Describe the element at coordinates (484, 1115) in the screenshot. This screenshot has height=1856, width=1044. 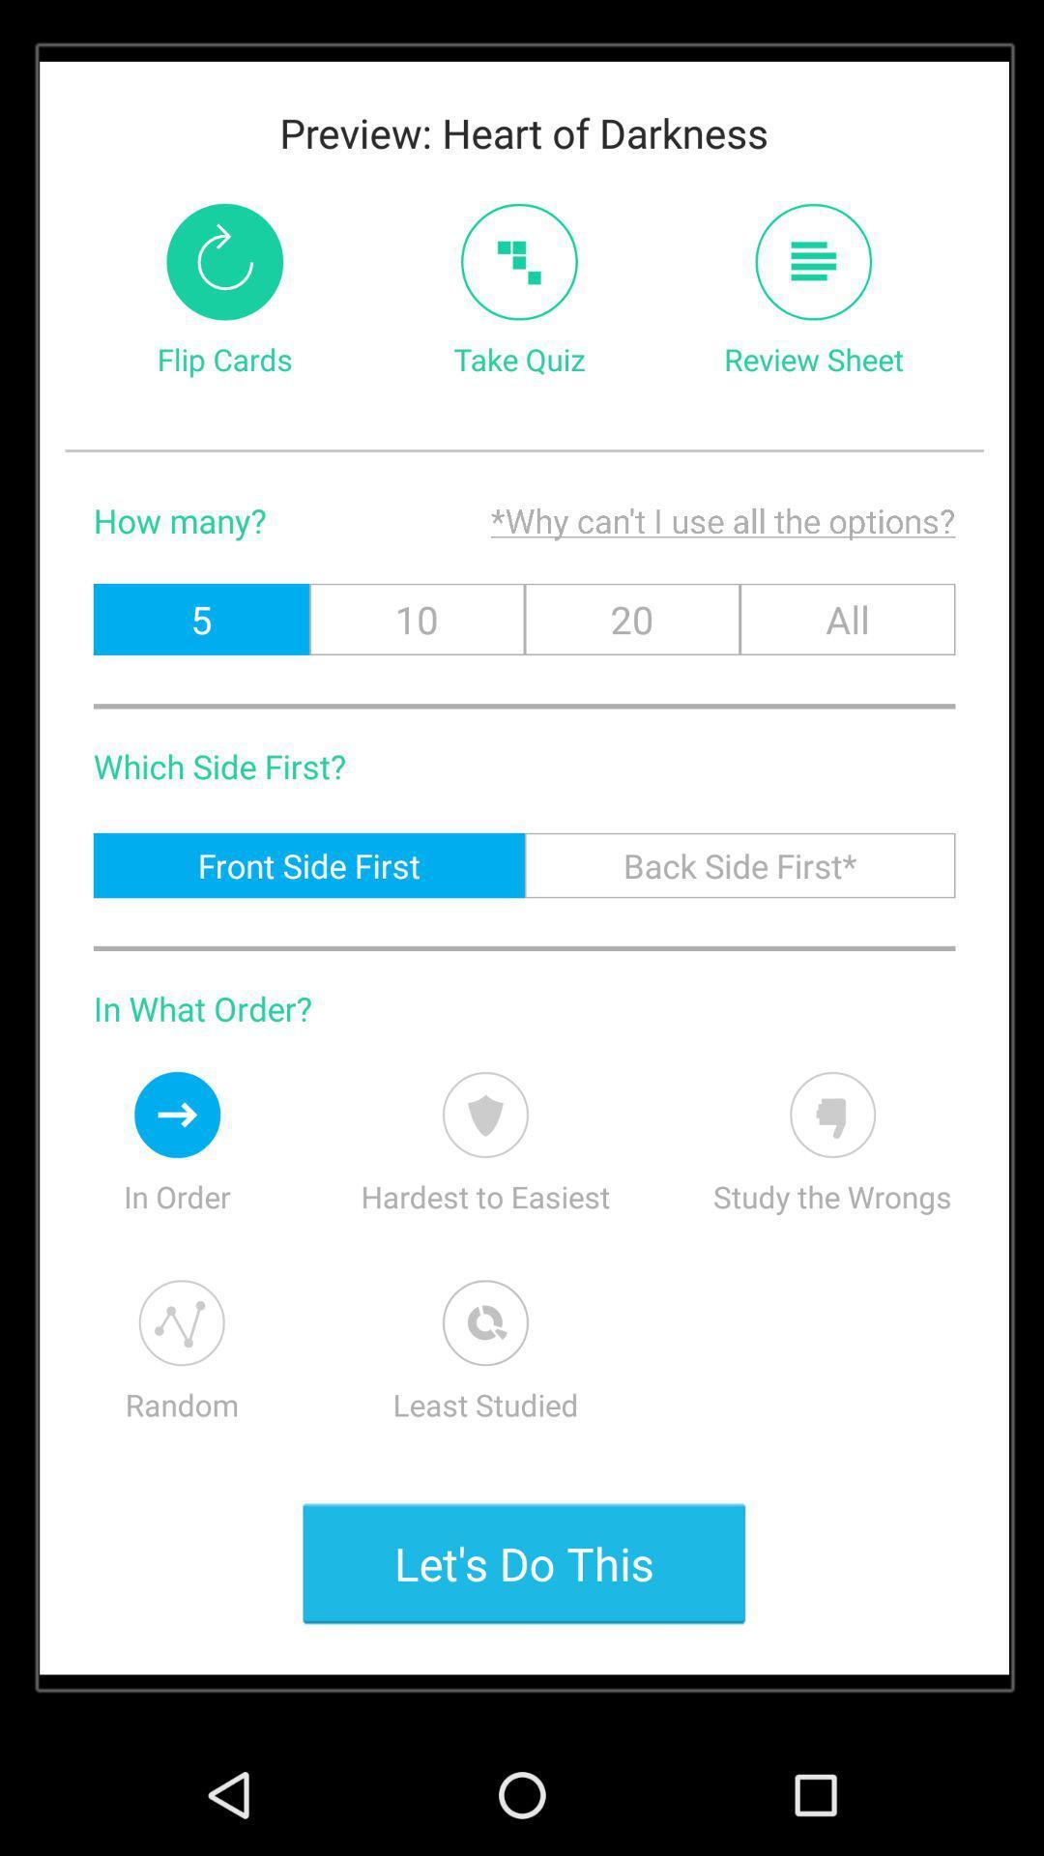
I see `show hardest flashcards first` at that location.